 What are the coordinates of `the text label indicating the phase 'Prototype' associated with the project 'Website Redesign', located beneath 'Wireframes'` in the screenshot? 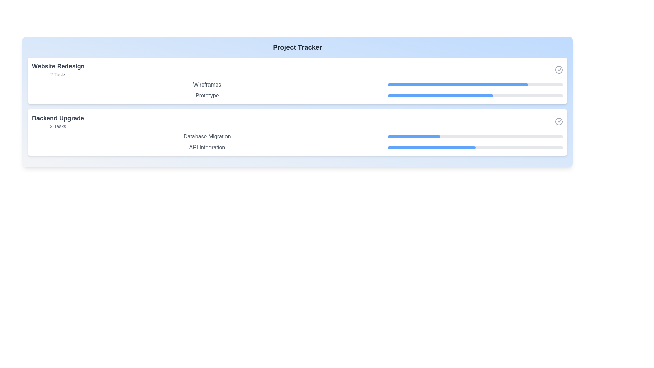 It's located at (207, 96).